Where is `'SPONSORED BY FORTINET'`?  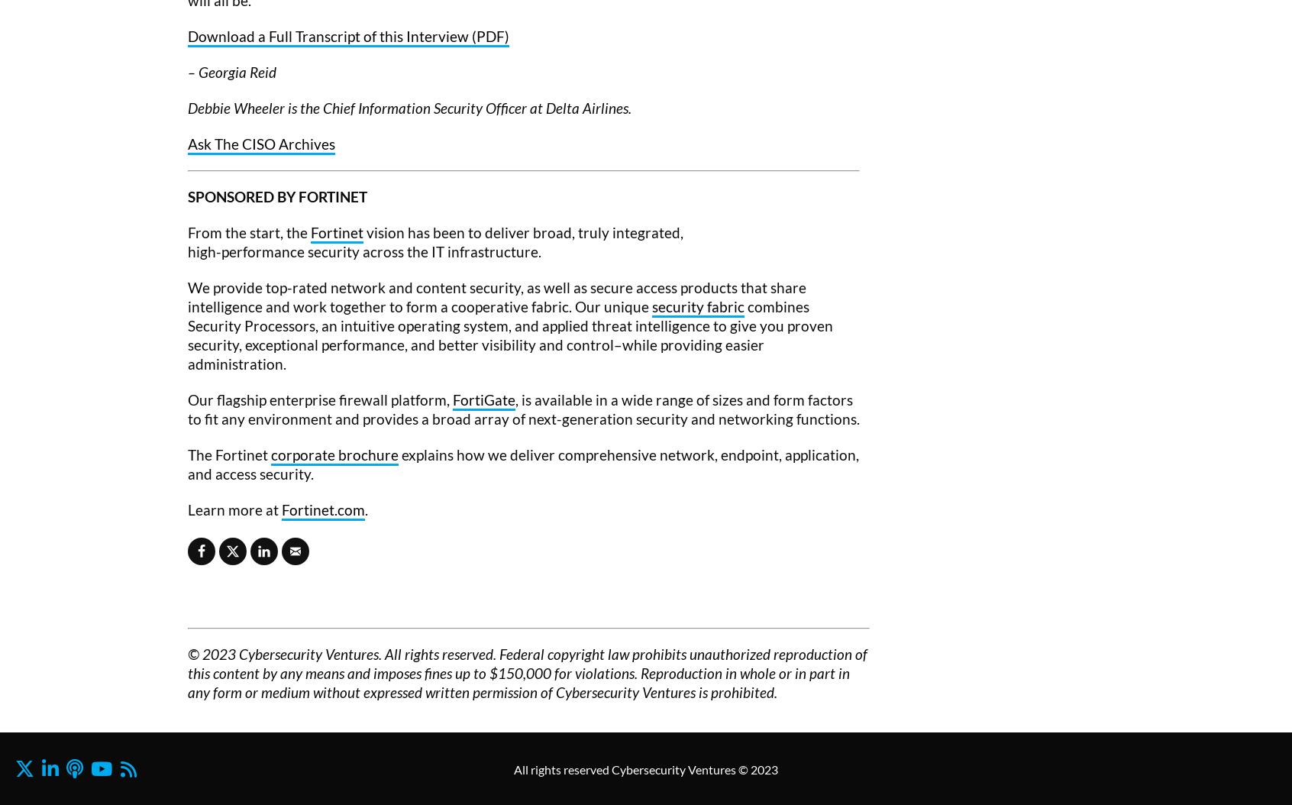
'SPONSORED BY FORTINET' is located at coordinates (277, 196).